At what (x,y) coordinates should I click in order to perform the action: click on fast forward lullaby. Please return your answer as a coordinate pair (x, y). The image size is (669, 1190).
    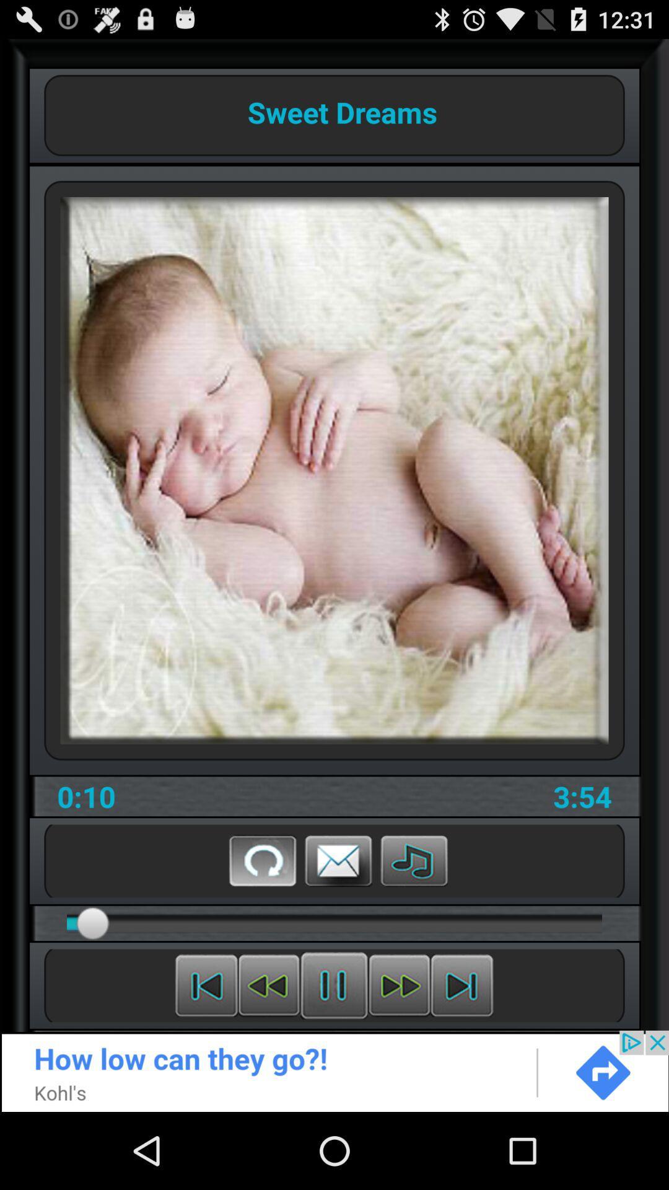
    Looking at the image, I should click on (399, 985).